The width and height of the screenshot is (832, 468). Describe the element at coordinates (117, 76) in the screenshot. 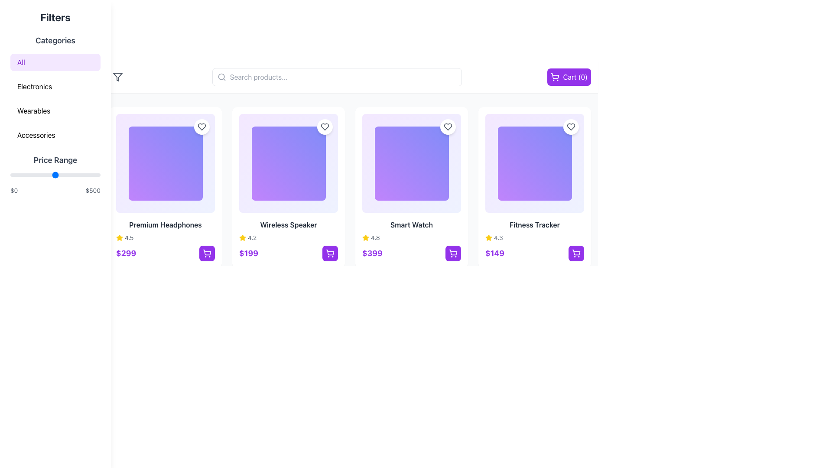

I see `the filter funnel icon button located in the header section of the interface to apply or open filters` at that location.